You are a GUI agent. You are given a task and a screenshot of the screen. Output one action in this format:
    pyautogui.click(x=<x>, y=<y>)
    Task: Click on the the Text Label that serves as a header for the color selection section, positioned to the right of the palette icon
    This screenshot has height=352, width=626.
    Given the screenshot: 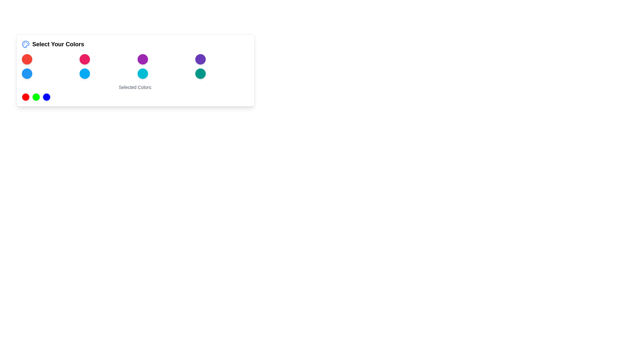 What is the action you would take?
    pyautogui.click(x=58, y=44)
    